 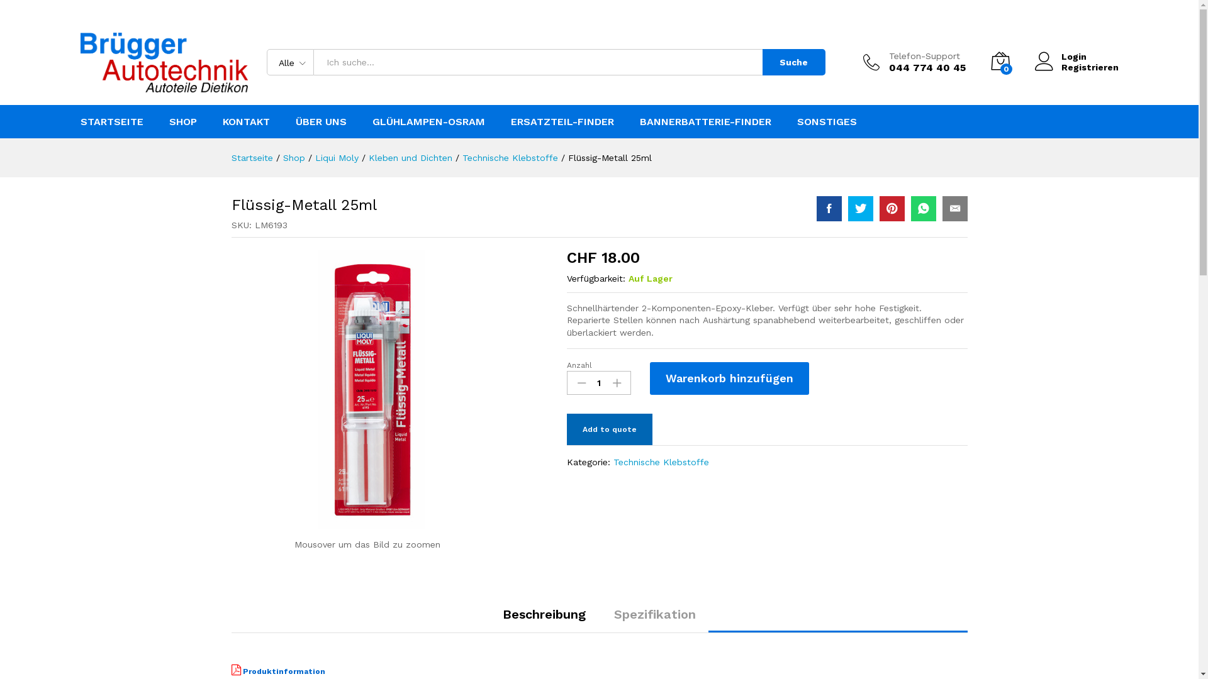 I want to click on 'KONTAKT', so click(x=246, y=121).